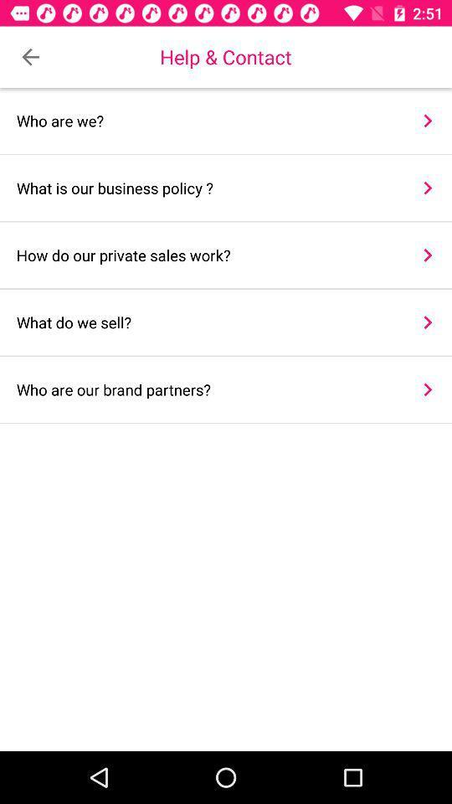  I want to click on the item above the how do our icon, so click(207, 188).